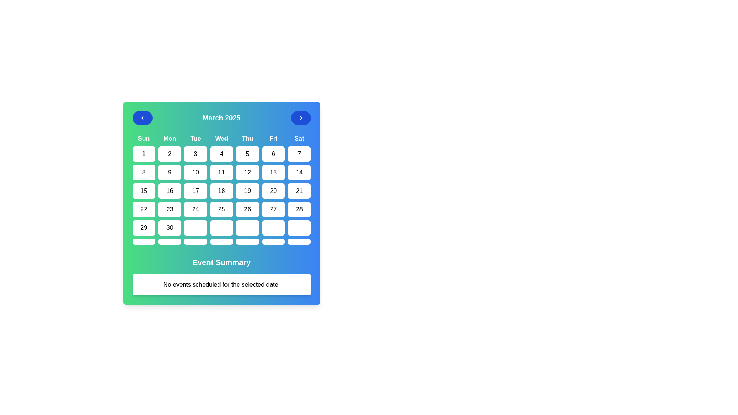  Describe the element at coordinates (144, 209) in the screenshot. I see `the button displaying the number '22' in the calendar grid under the 'Sun' day header` at that location.